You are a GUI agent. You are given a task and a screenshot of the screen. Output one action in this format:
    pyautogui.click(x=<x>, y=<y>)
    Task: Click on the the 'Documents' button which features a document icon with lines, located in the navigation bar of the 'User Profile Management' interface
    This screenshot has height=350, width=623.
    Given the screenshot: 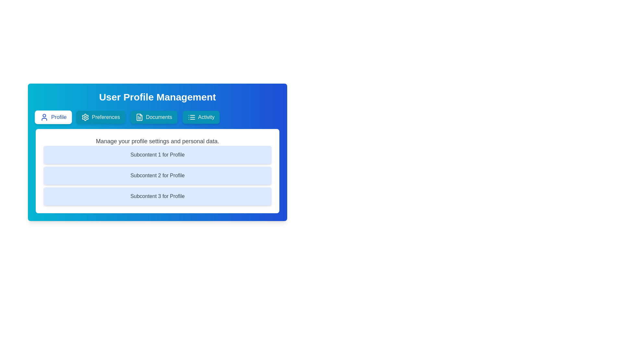 What is the action you would take?
    pyautogui.click(x=139, y=117)
    